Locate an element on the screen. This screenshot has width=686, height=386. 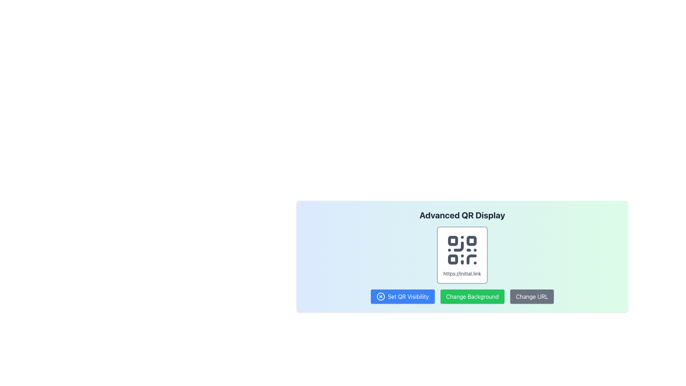
the circular icon element that signifies a cancel action, located within the bottom-left part of the interface is located at coordinates (380, 296).